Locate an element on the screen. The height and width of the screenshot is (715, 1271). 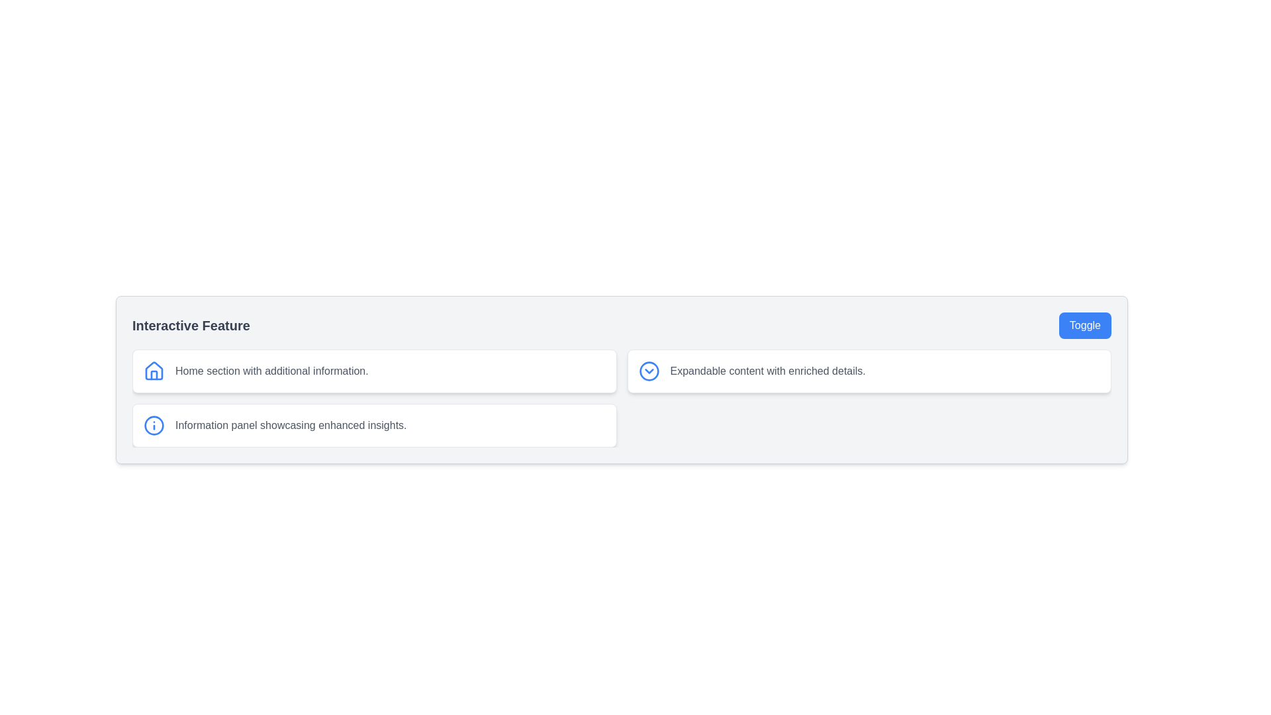
the circular SVG icon with a bright blue border and central 'i' symbol located on the left side of the 'Information panel showcasing enhanced insights.' text is located at coordinates (154, 426).